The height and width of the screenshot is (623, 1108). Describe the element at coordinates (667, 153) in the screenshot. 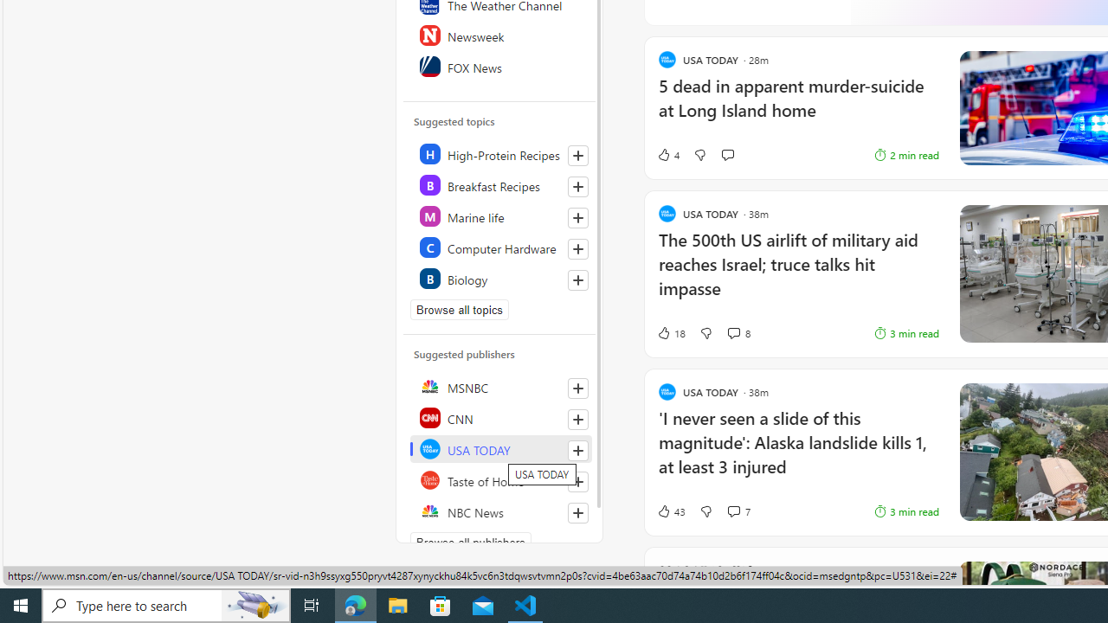

I see `'4 Like'` at that location.